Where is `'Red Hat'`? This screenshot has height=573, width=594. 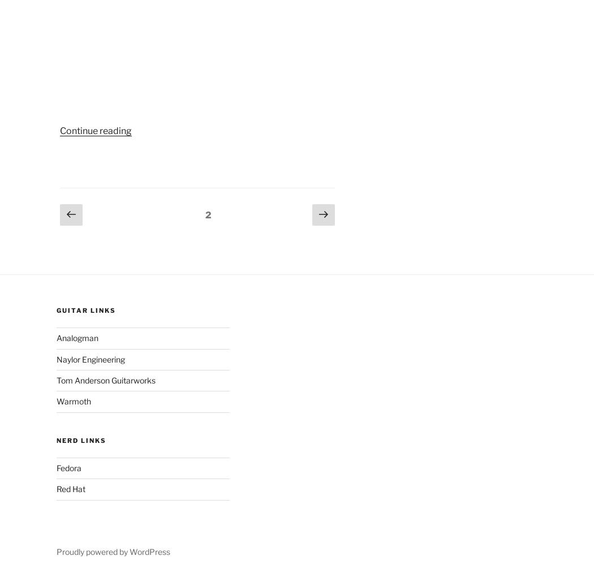
'Red Hat' is located at coordinates (70, 488).